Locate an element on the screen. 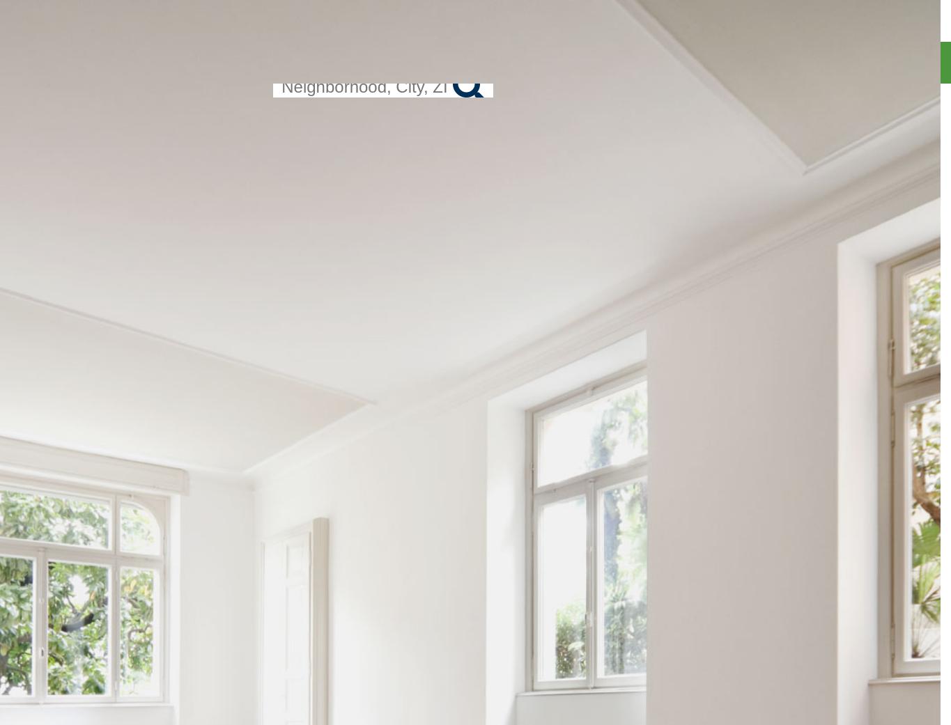 The image size is (951, 725). 'PROPERTIES' is located at coordinates (747, 61).